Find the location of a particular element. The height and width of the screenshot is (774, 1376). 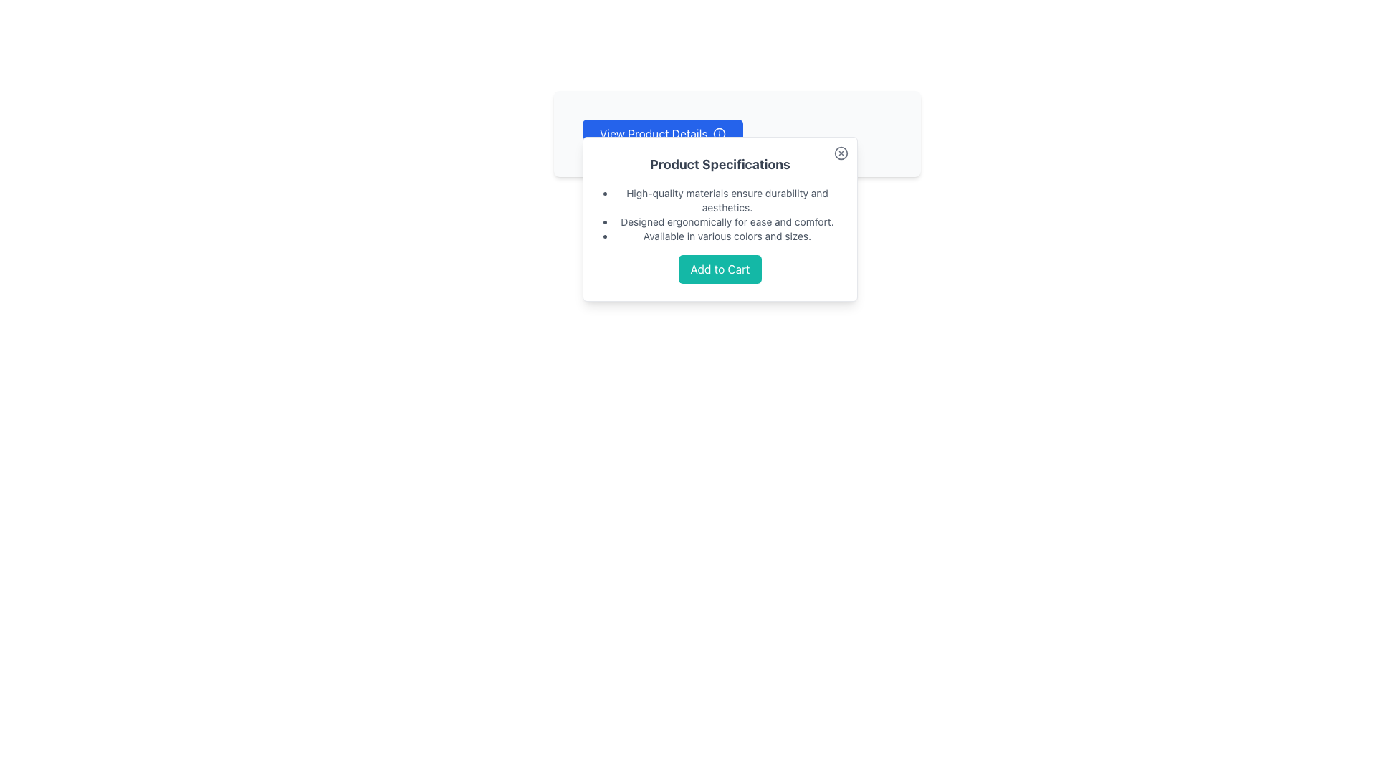

the button that adds the product to the shopping cart, located centrally within the modal below the descriptive text is located at coordinates (720, 269).